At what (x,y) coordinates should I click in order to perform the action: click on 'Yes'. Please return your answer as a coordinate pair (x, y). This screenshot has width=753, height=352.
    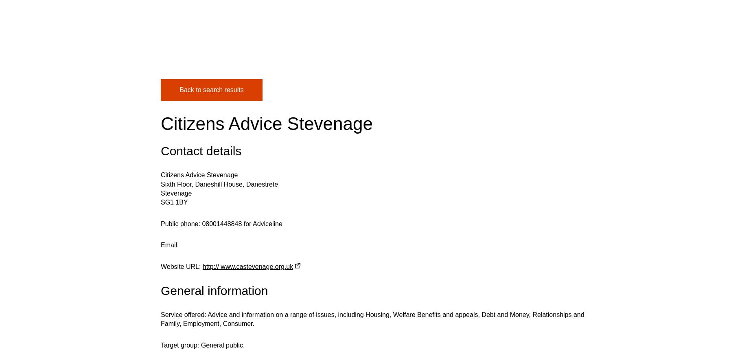
    Looking at the image, I should click on (219, 62).